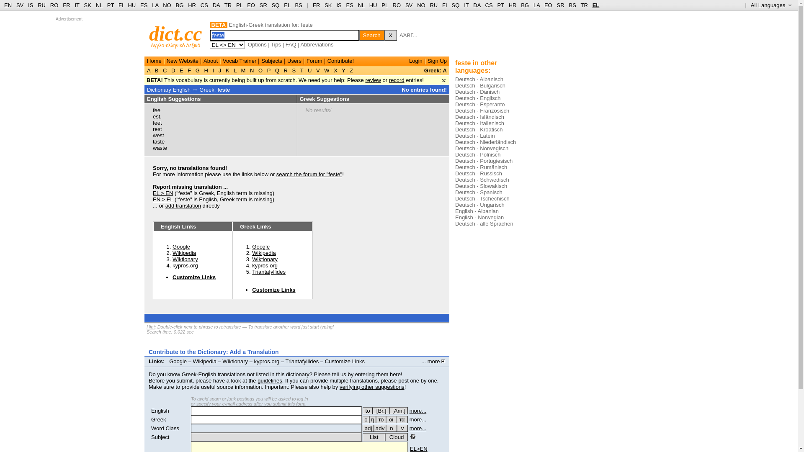 The width and height of the screenshot is (804, 452). I want to click on 'List', so click(362, 437).